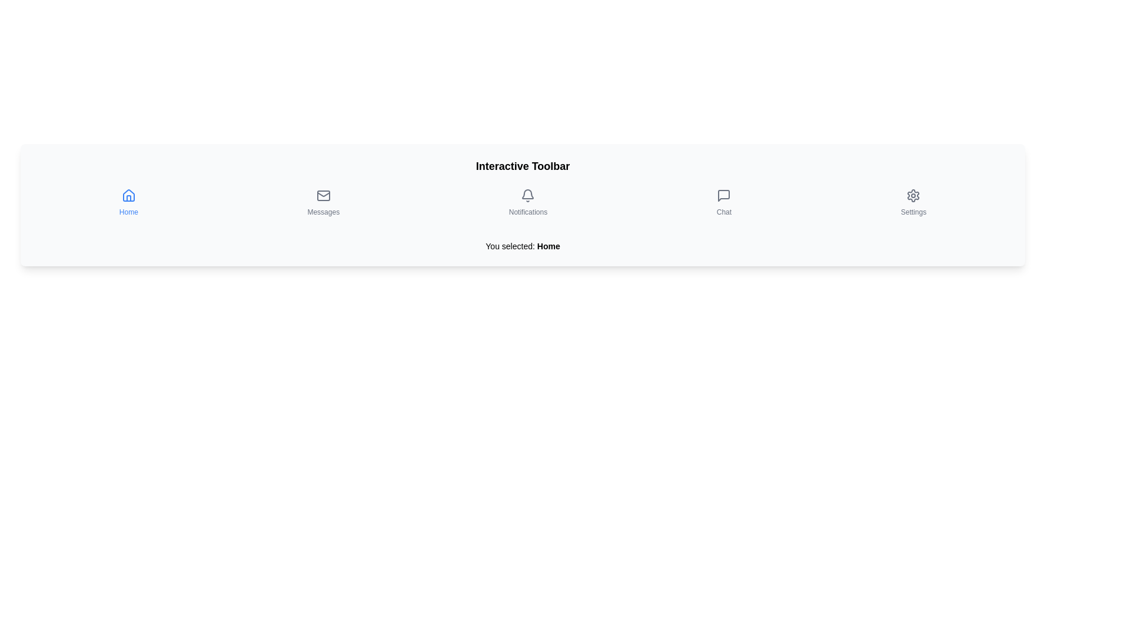  I want to click on the cogwheel-shaped icon indicative of the settings menu located on the far-right side of the interactive toolbar, so click(913, 195).